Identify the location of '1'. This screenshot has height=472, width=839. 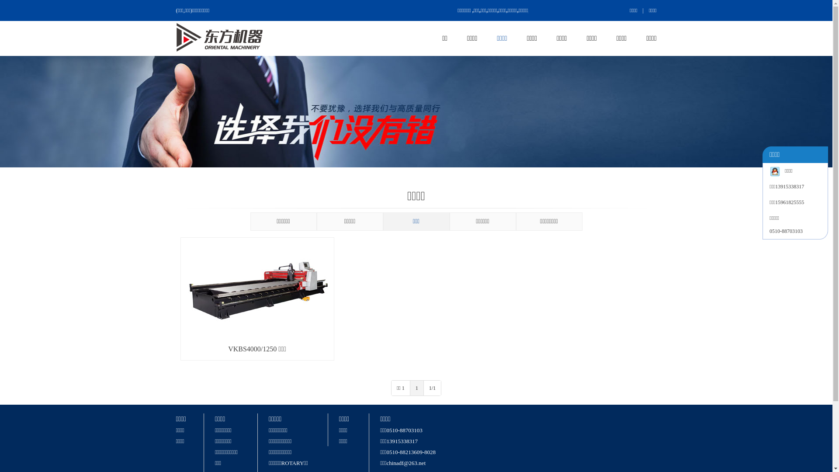
(416, 387).